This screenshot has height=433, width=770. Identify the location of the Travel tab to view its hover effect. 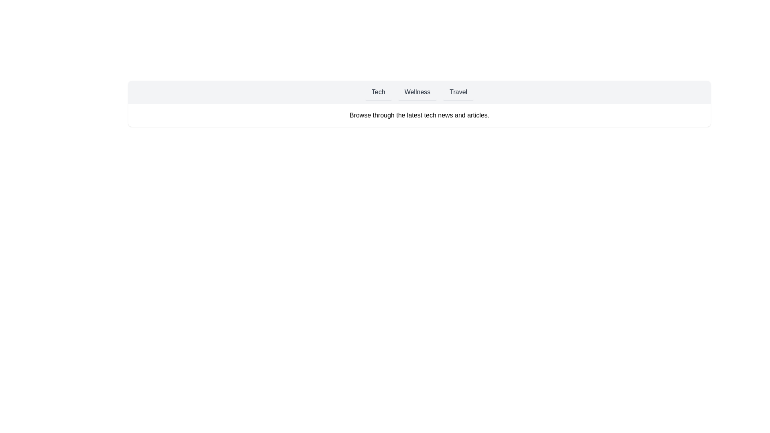
(458, 92).